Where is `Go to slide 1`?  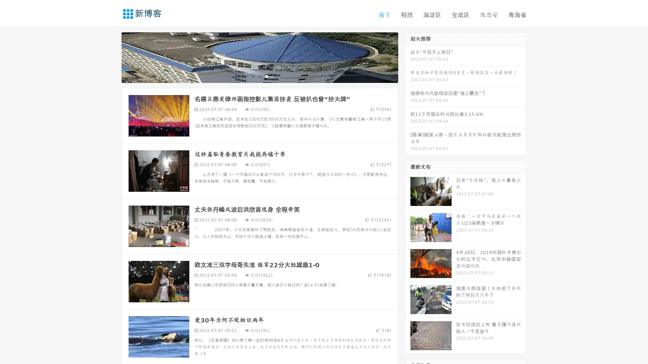 Go to slide 1 is located at coordinates (252, 76).